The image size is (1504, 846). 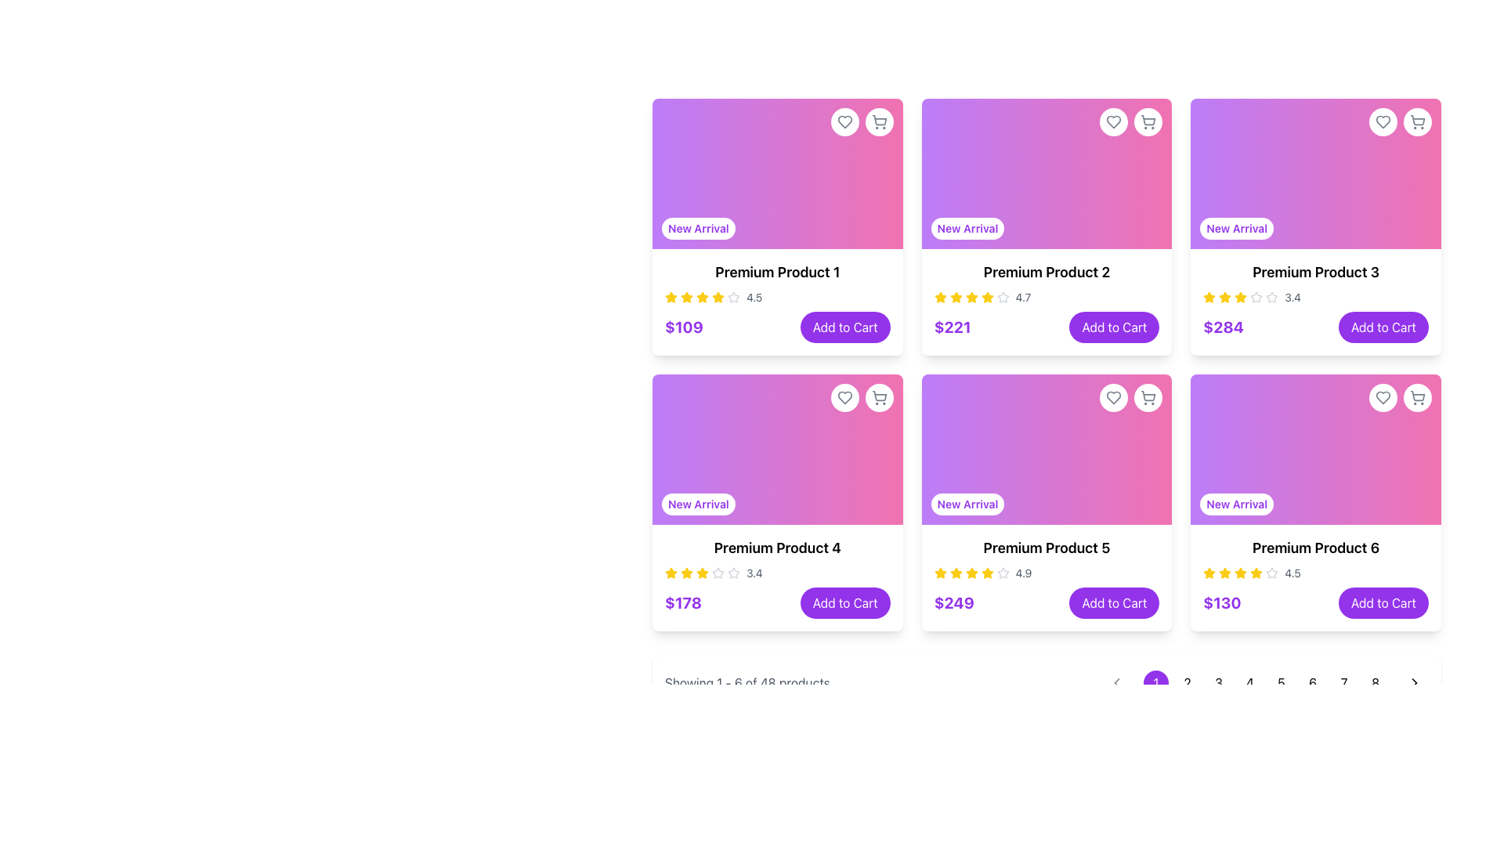 What do you see at coordinates (844, 121) in the screenshot?
I see `the circular button with a white background and a gray heart icon located at the top-right corner of the product card for 'Premium Product 1'` at bounding box center [844, 121].